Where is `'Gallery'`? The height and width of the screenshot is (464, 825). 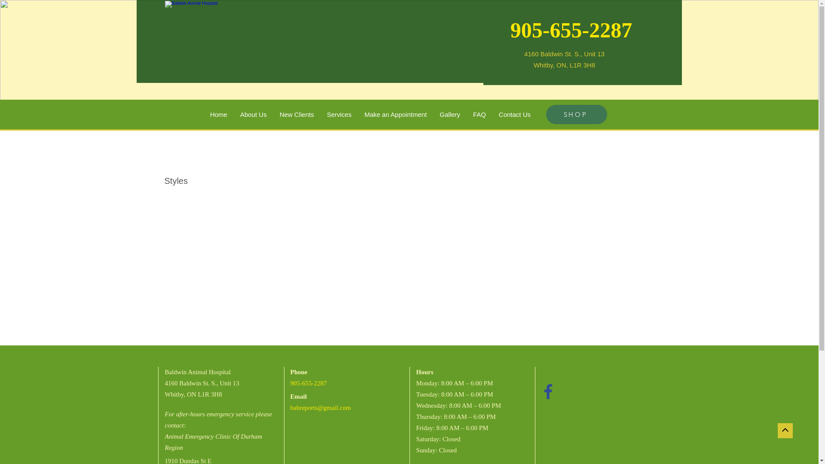
'Gallery' is located at coordinates (449, 114).